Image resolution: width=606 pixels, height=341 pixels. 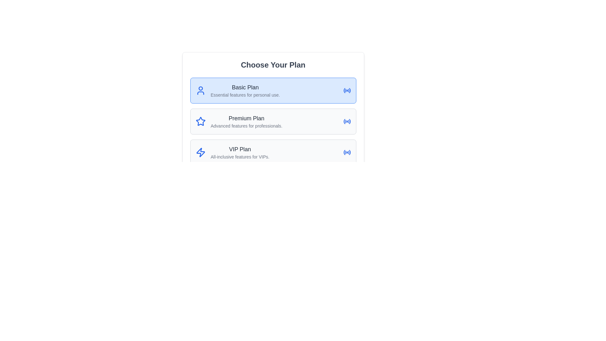 What do you see at coordinates (200, 122) in the screenshot?
I see `the star-shaped icon outlined in blue, which indicates the Premium Plan option located to the left of the 'Premium Plan' title and description` at bounding box center [200, 122].